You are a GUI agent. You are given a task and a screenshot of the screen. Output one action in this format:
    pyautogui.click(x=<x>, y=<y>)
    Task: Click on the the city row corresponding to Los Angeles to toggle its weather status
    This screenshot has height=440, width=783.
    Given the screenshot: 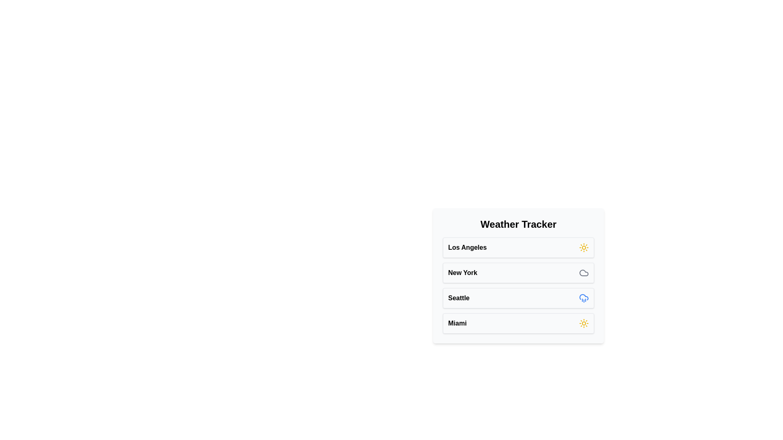 What is the action you would take?
    pyautogui.click(x=518, y=247)
    